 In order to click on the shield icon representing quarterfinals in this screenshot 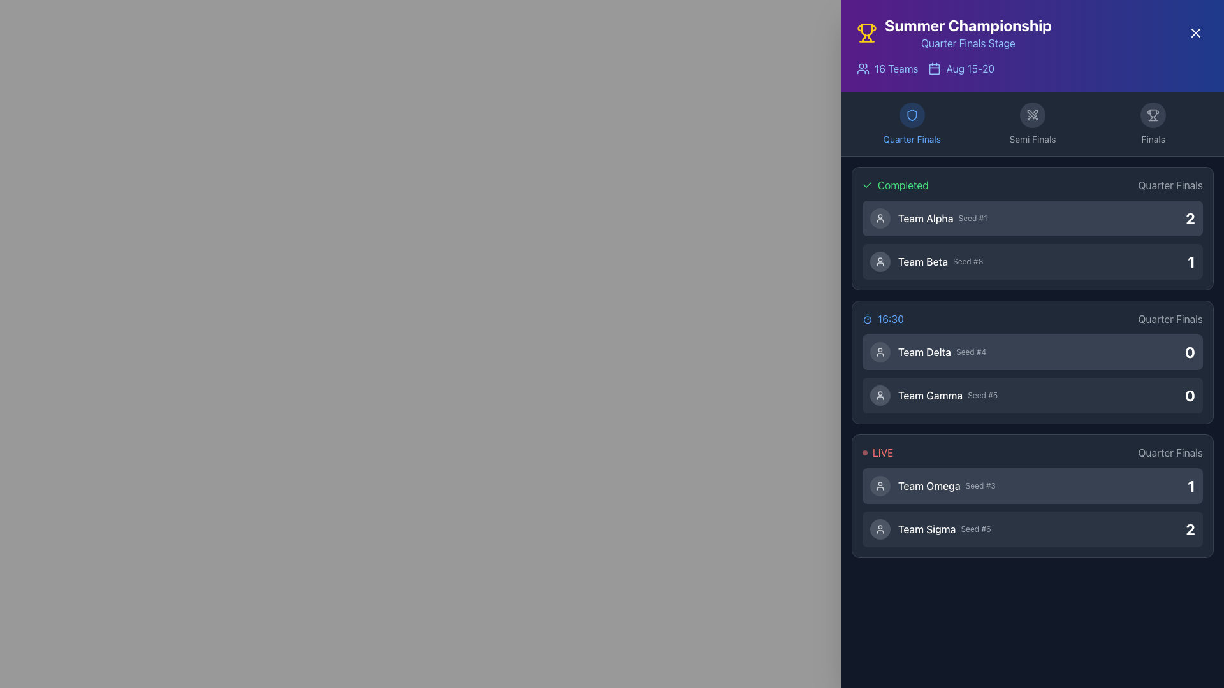, I will do `click(911, 115)`.